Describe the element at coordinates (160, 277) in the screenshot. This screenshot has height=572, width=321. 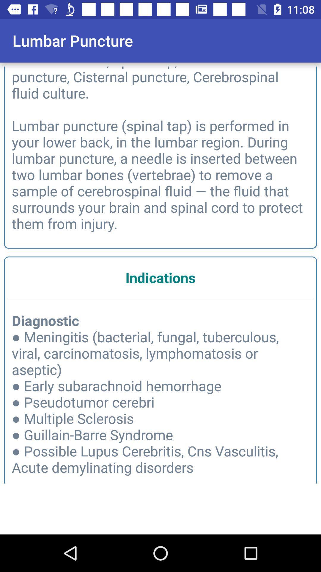
I see `indications icon` at that location.